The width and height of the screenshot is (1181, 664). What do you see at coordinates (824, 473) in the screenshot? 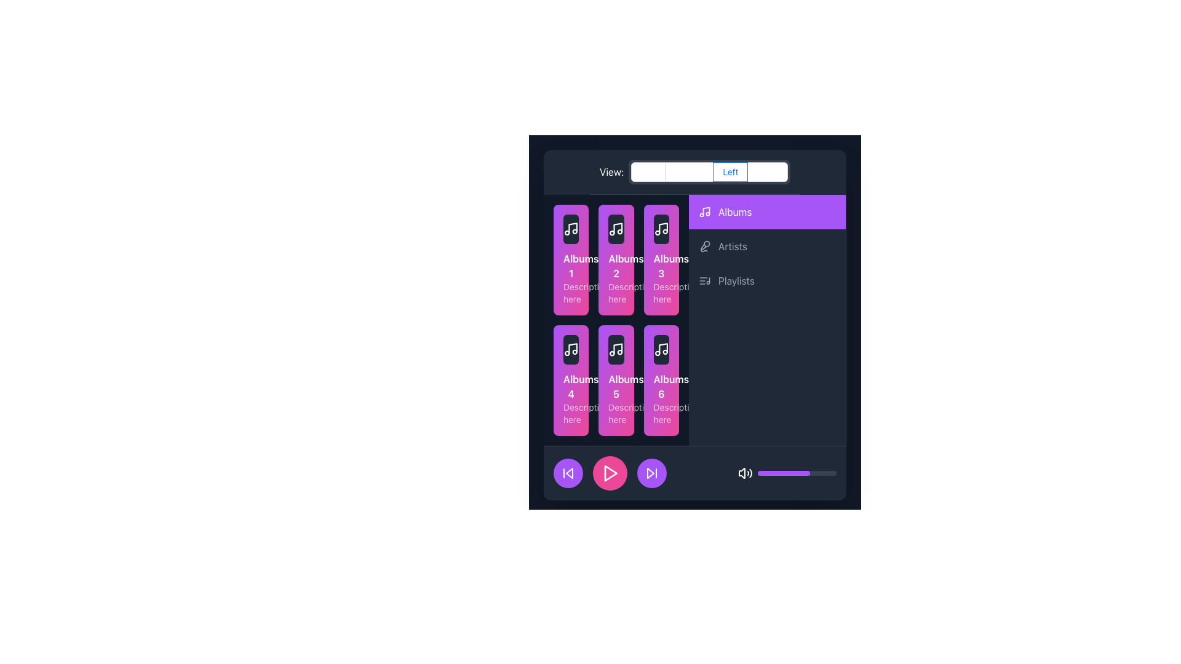
I see `the volume level` at bounding box center [824, 473].